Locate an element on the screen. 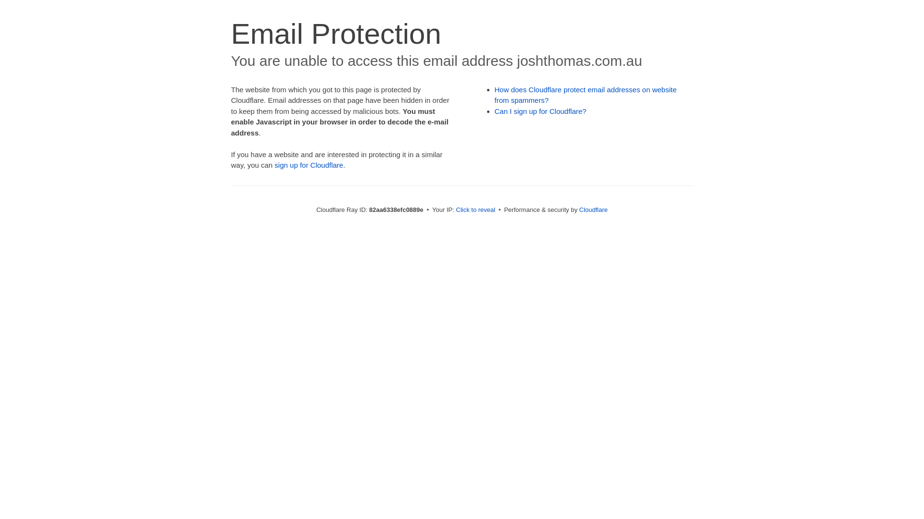 The width and height of the screenshot is (924, 519). 'Can I sign up for Cloudflare?' is located at coordinates (540, 111).